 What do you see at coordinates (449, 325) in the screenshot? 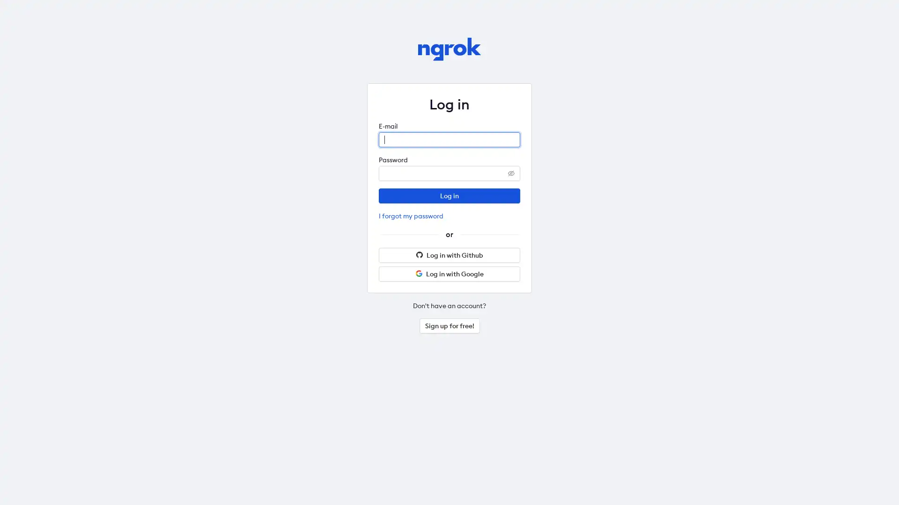
I see `Sign up for free!` at bounding box center [449, 325].